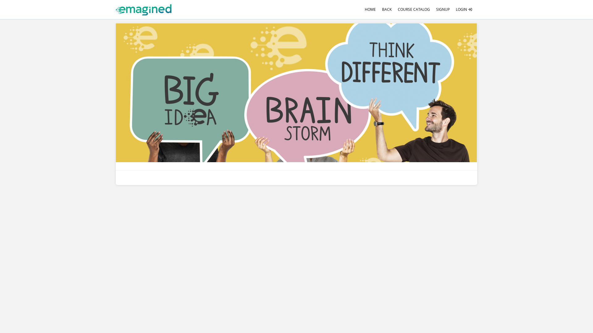 The width and height of the screenshot is (593, 333). Describe the element at coordinates (443, 9) in the screenshot. I see `'SIGNUP'` at that location.